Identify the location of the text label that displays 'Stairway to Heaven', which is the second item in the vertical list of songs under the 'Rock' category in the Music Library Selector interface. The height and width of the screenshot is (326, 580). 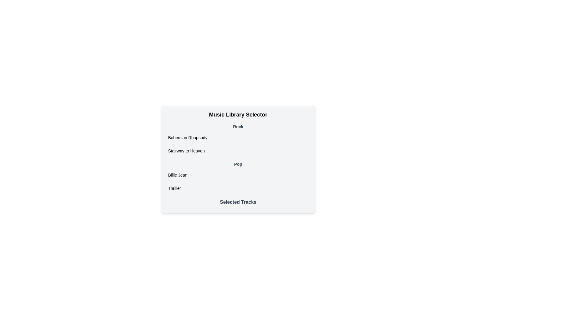
(186, 151).